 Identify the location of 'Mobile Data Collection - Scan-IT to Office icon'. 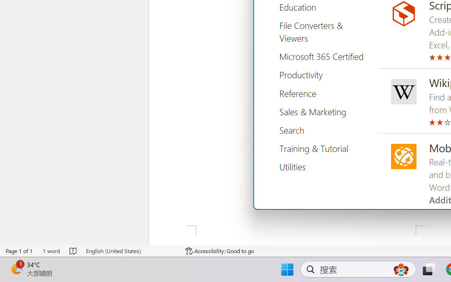
(403, 156).